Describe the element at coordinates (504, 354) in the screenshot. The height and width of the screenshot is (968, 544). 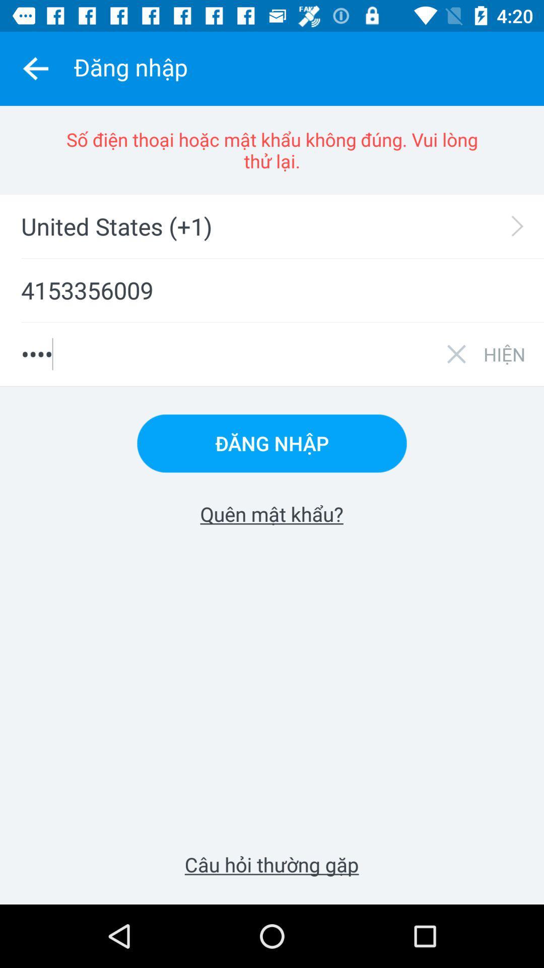
I see `icon to the right of the 2112 icon` at that location.